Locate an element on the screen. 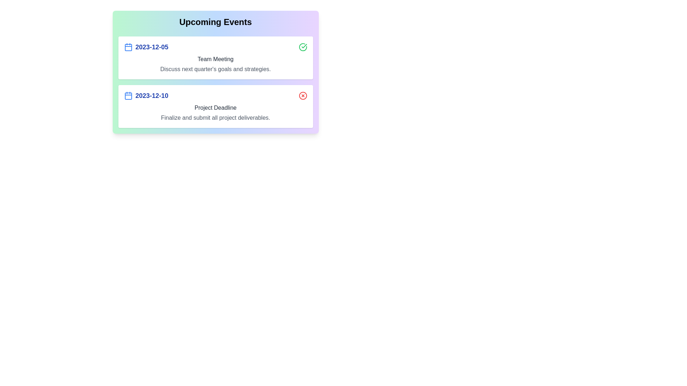 The width and height of the screenshot is (687, 386). the event with the date 2023-12-05 to view its details is located at coordinates (215, 58).